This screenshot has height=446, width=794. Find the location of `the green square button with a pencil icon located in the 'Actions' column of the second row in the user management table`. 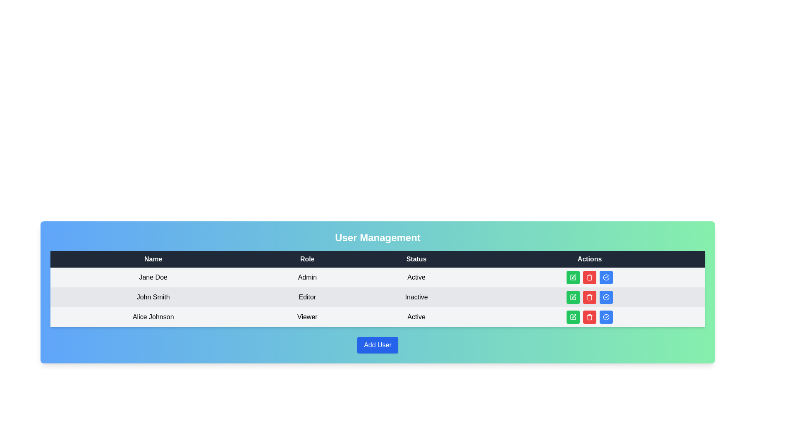

the green square button with a pencil icon located in the 'Actions' column of the second row in the user management table is located at coordinates (573, 297).